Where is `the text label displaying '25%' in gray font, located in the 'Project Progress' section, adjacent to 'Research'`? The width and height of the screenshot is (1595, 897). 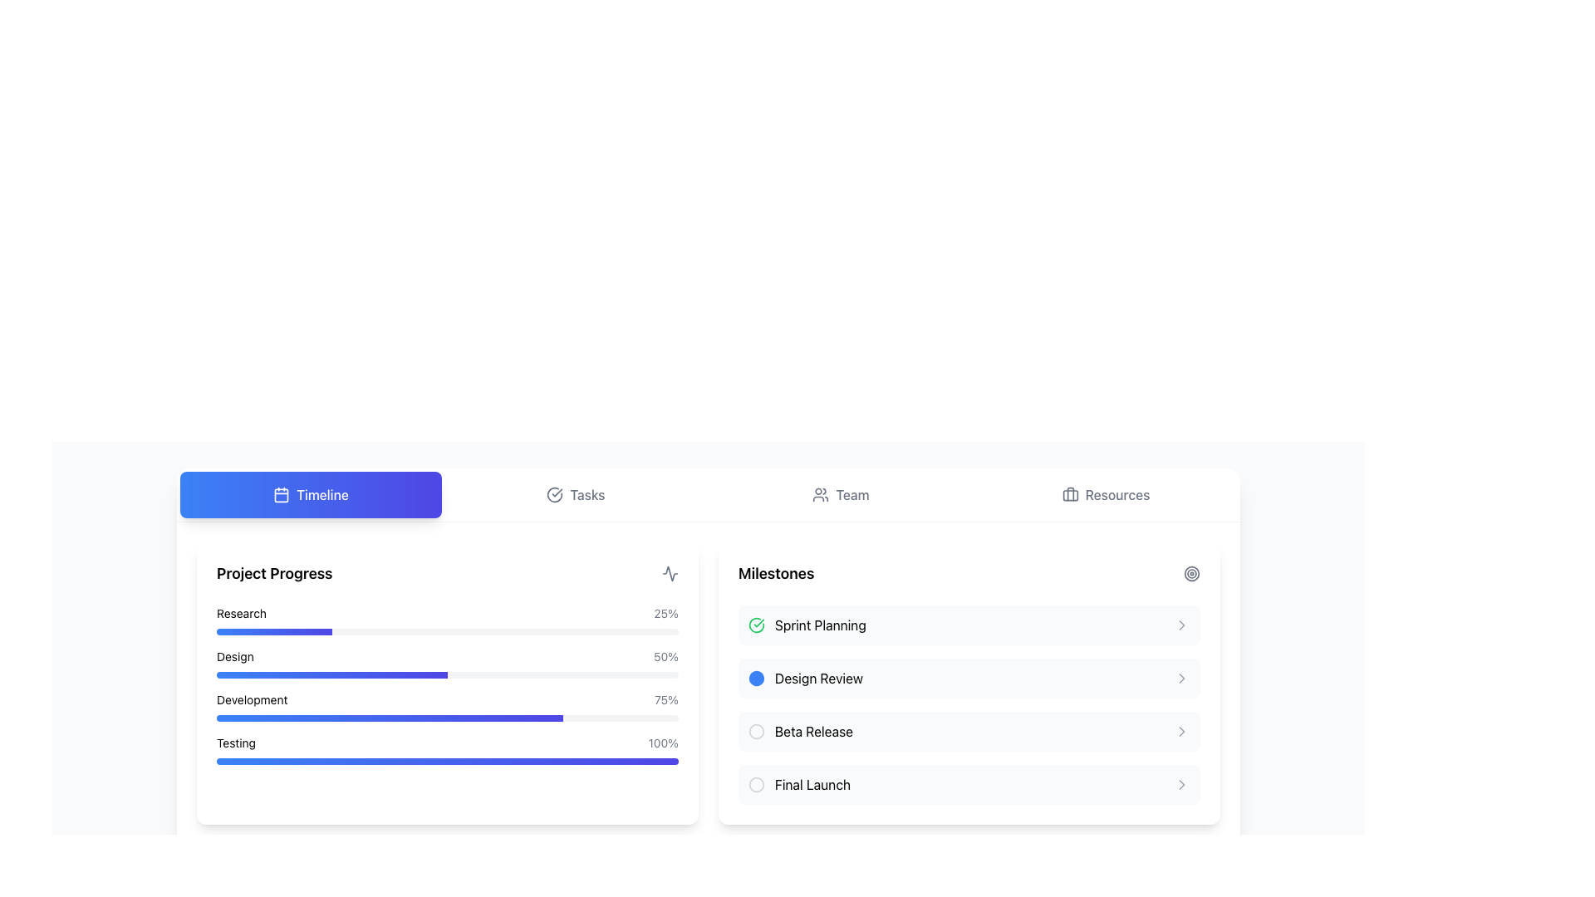
the text label displaying '25%' in gray font, located in the 'Project Progress' section, adjacent to 'Research' is located at coordinates (666, 614).